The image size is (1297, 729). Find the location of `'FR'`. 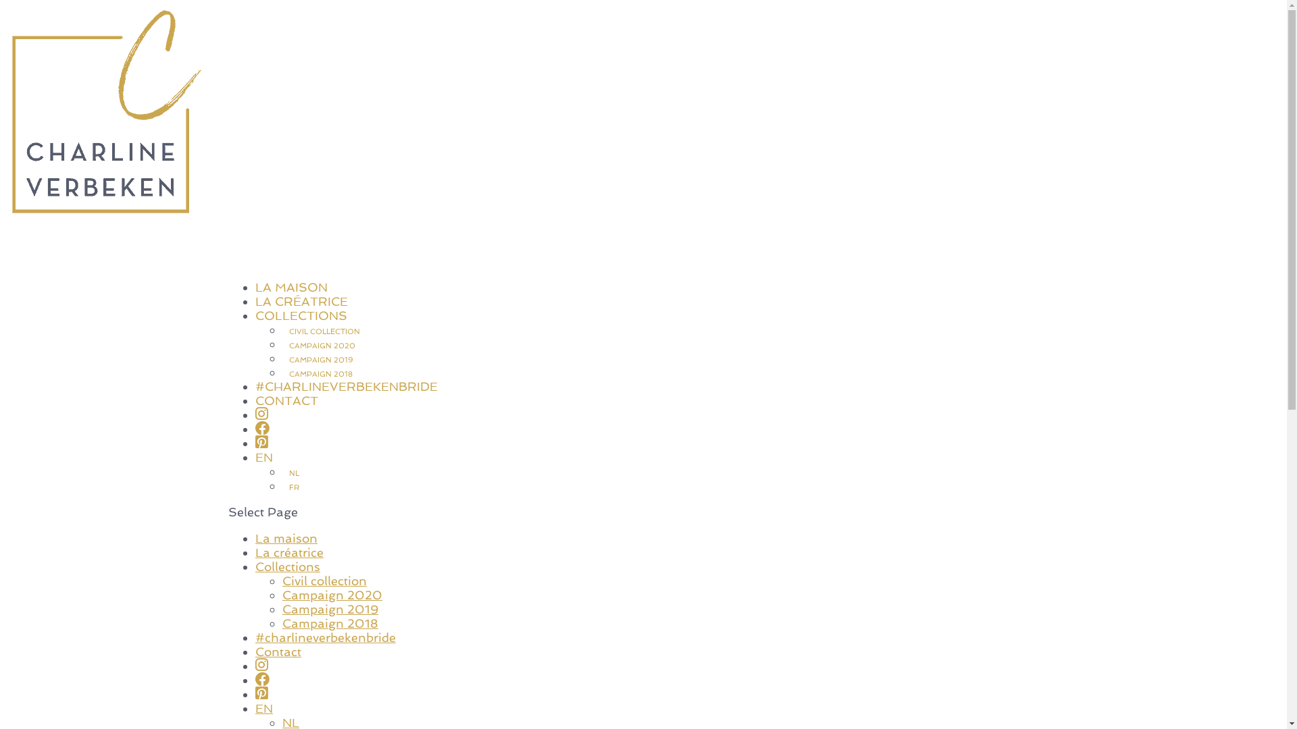

'FR' is located at coordinates (293, 487).